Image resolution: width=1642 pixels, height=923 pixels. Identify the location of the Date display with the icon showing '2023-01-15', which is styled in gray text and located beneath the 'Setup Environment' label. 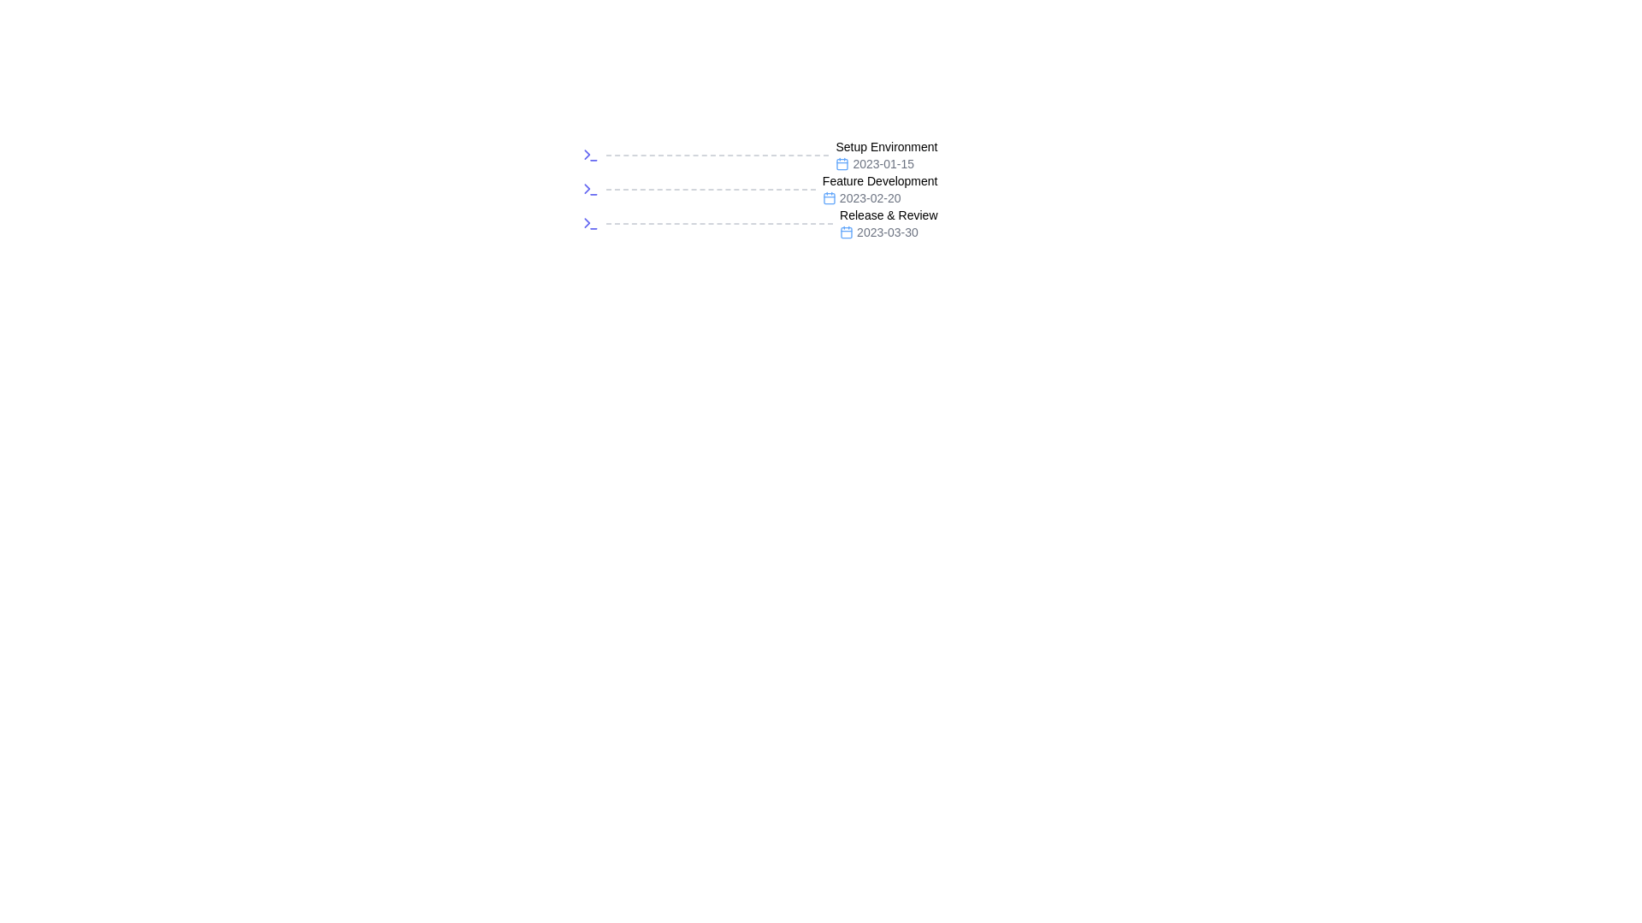
(886, 164).